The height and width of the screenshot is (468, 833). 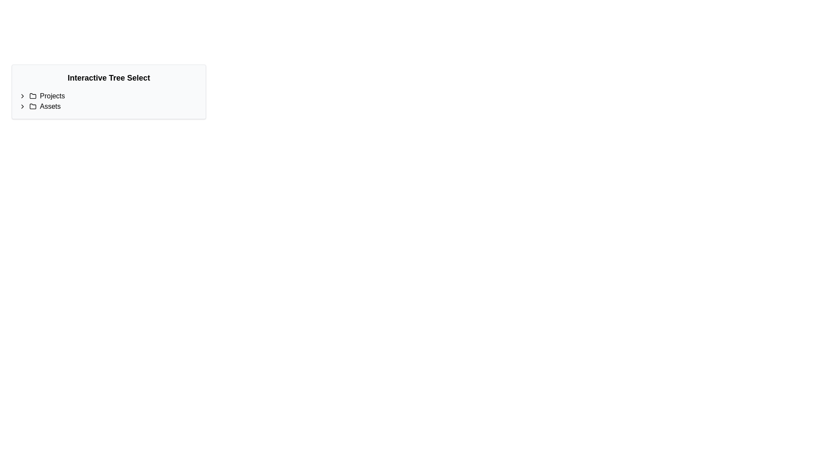 I want to click on the small folder icon located left of the word 'Projects' in the 'Interactive Tree Select' section, so click(x=33, y=96).